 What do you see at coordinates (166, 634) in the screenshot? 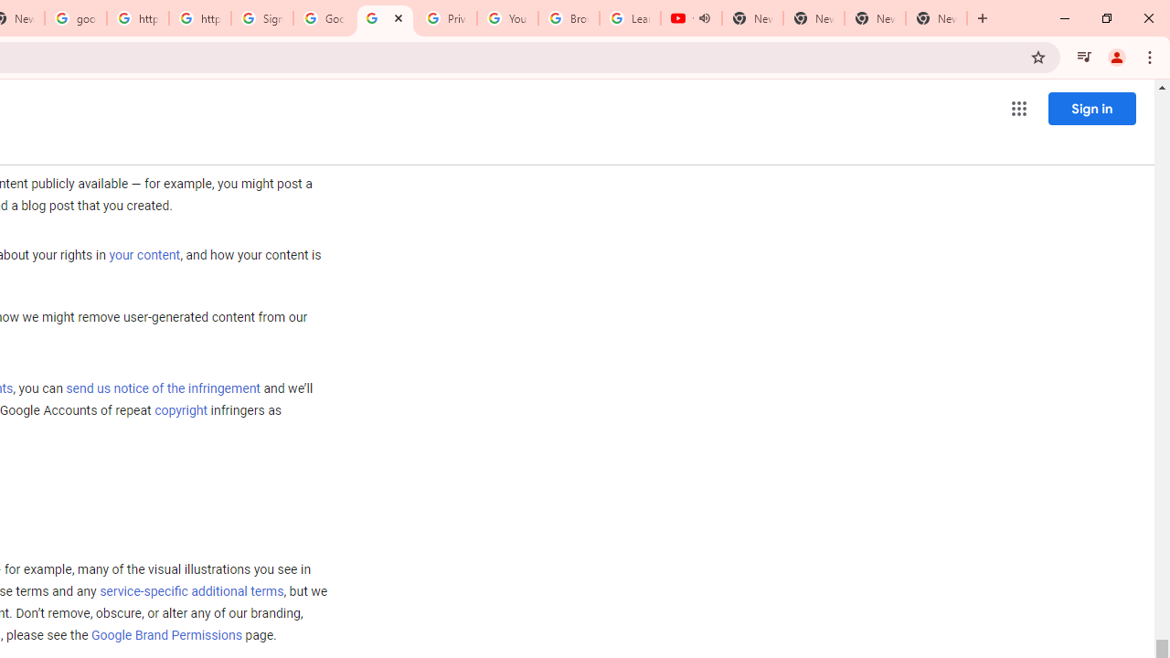
I see `'Google Brand Permissions'` at bounding box center [166, 634].